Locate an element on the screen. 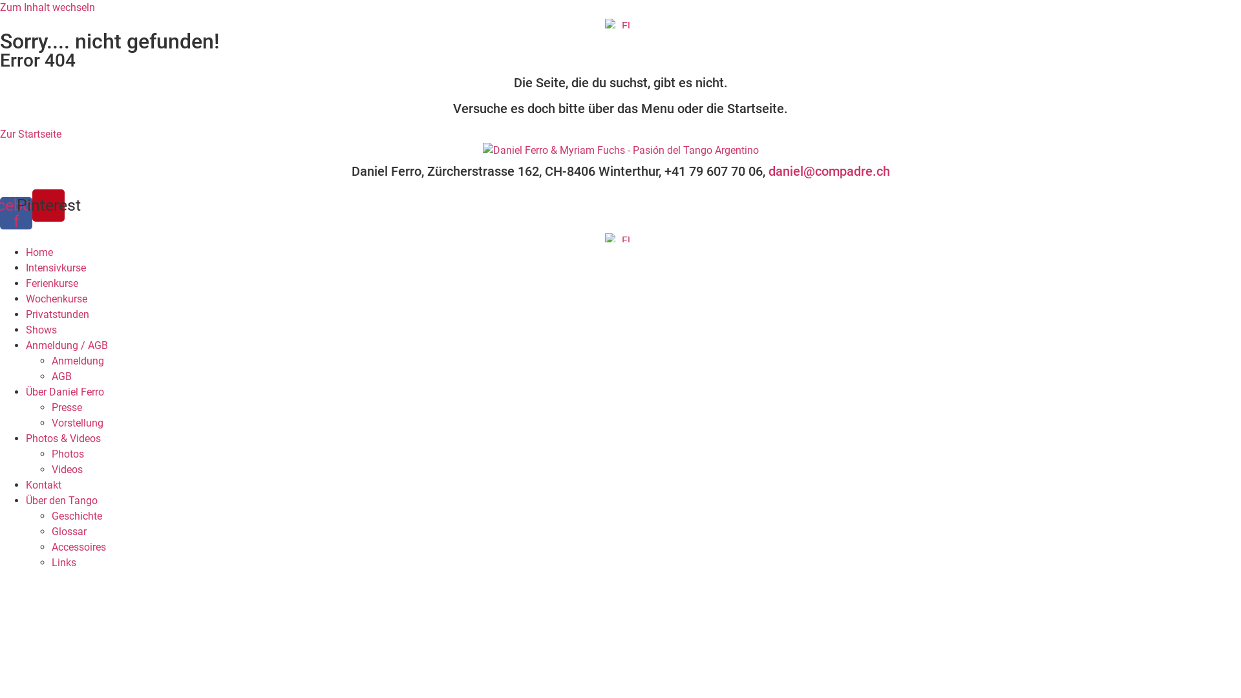 This screenshot has width=1241, height=698. 'Videos' is located at coordinates (67, 469).